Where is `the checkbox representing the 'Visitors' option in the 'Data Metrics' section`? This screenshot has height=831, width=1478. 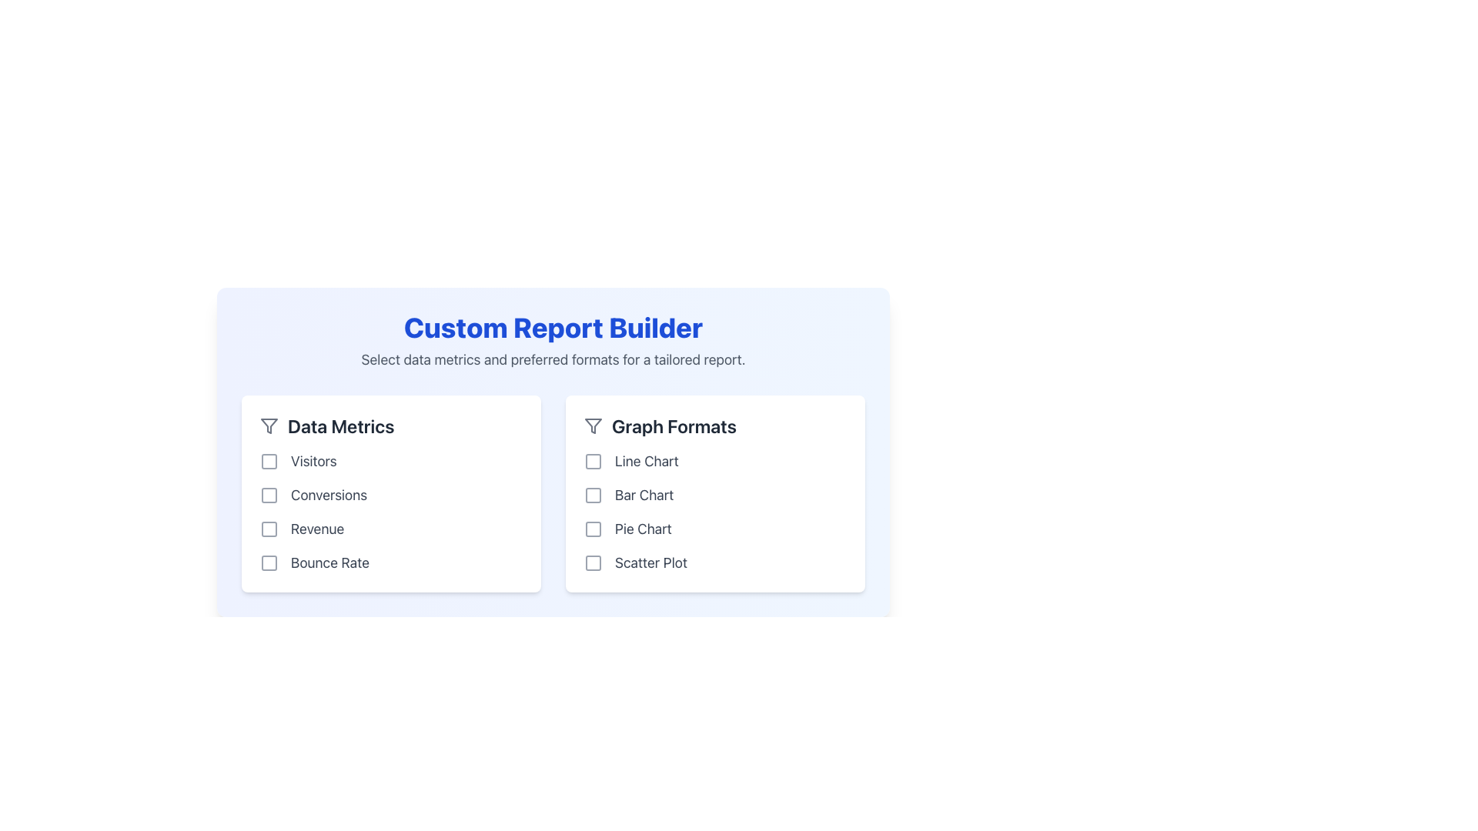
the checkbox representing the 'Visitors' option in the 'Data Metrics' section is located at coordinates (269, 461).